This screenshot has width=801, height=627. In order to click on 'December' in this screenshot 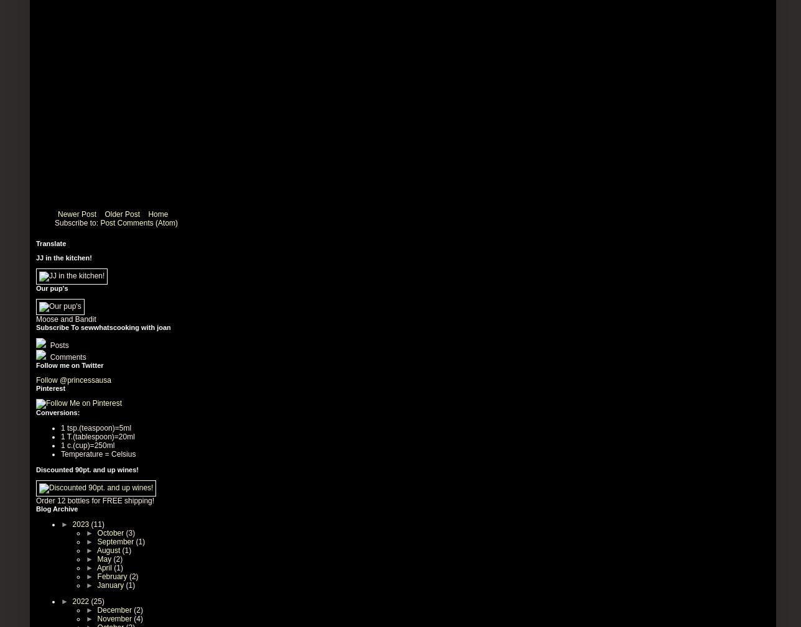, I will do `click(115, 609)`.